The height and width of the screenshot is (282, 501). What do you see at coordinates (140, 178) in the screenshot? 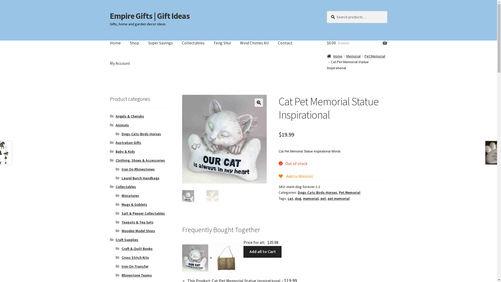
I see `'Laurel Burch Handbags'` at bounding box center [140, 178].